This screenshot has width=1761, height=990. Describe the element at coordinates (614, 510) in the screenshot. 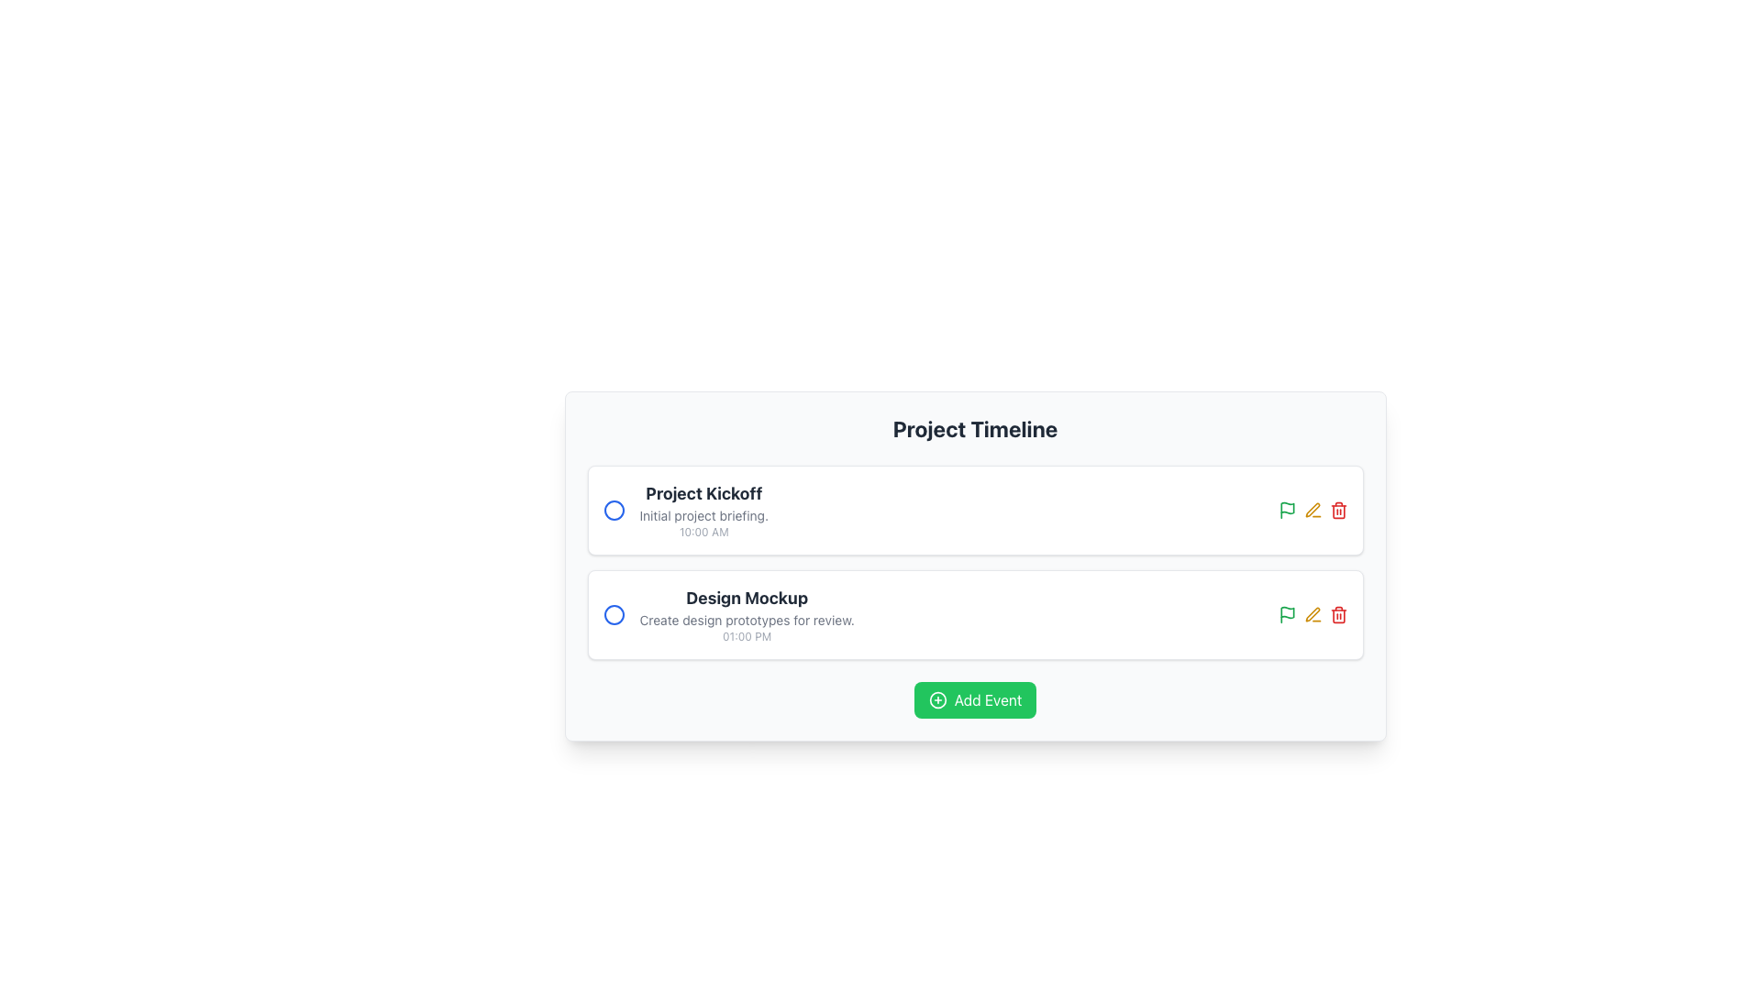

I see `the smaller SVG Circle that indicates status or selection in the leftmost area of the 'Project Kickoff' block` at that location.